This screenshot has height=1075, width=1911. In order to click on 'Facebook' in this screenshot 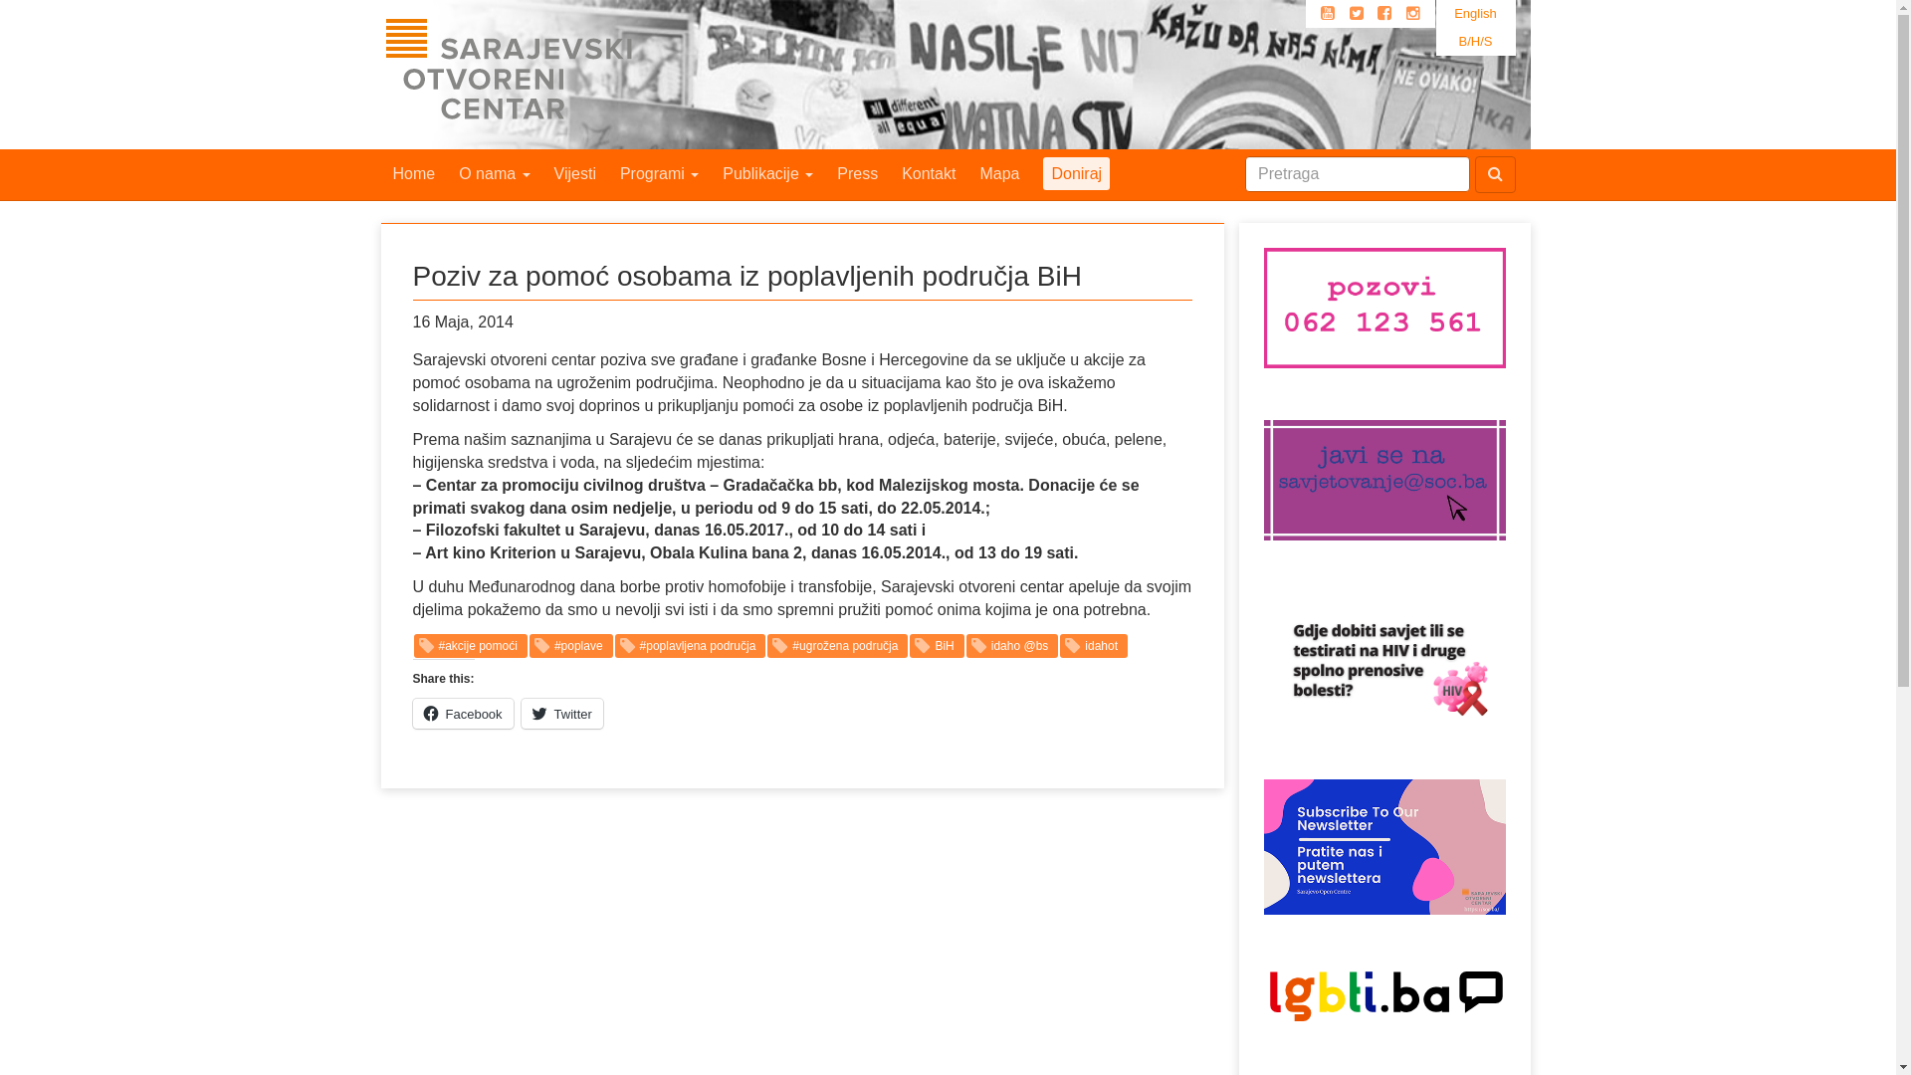, I will do `click(461, 713)`.